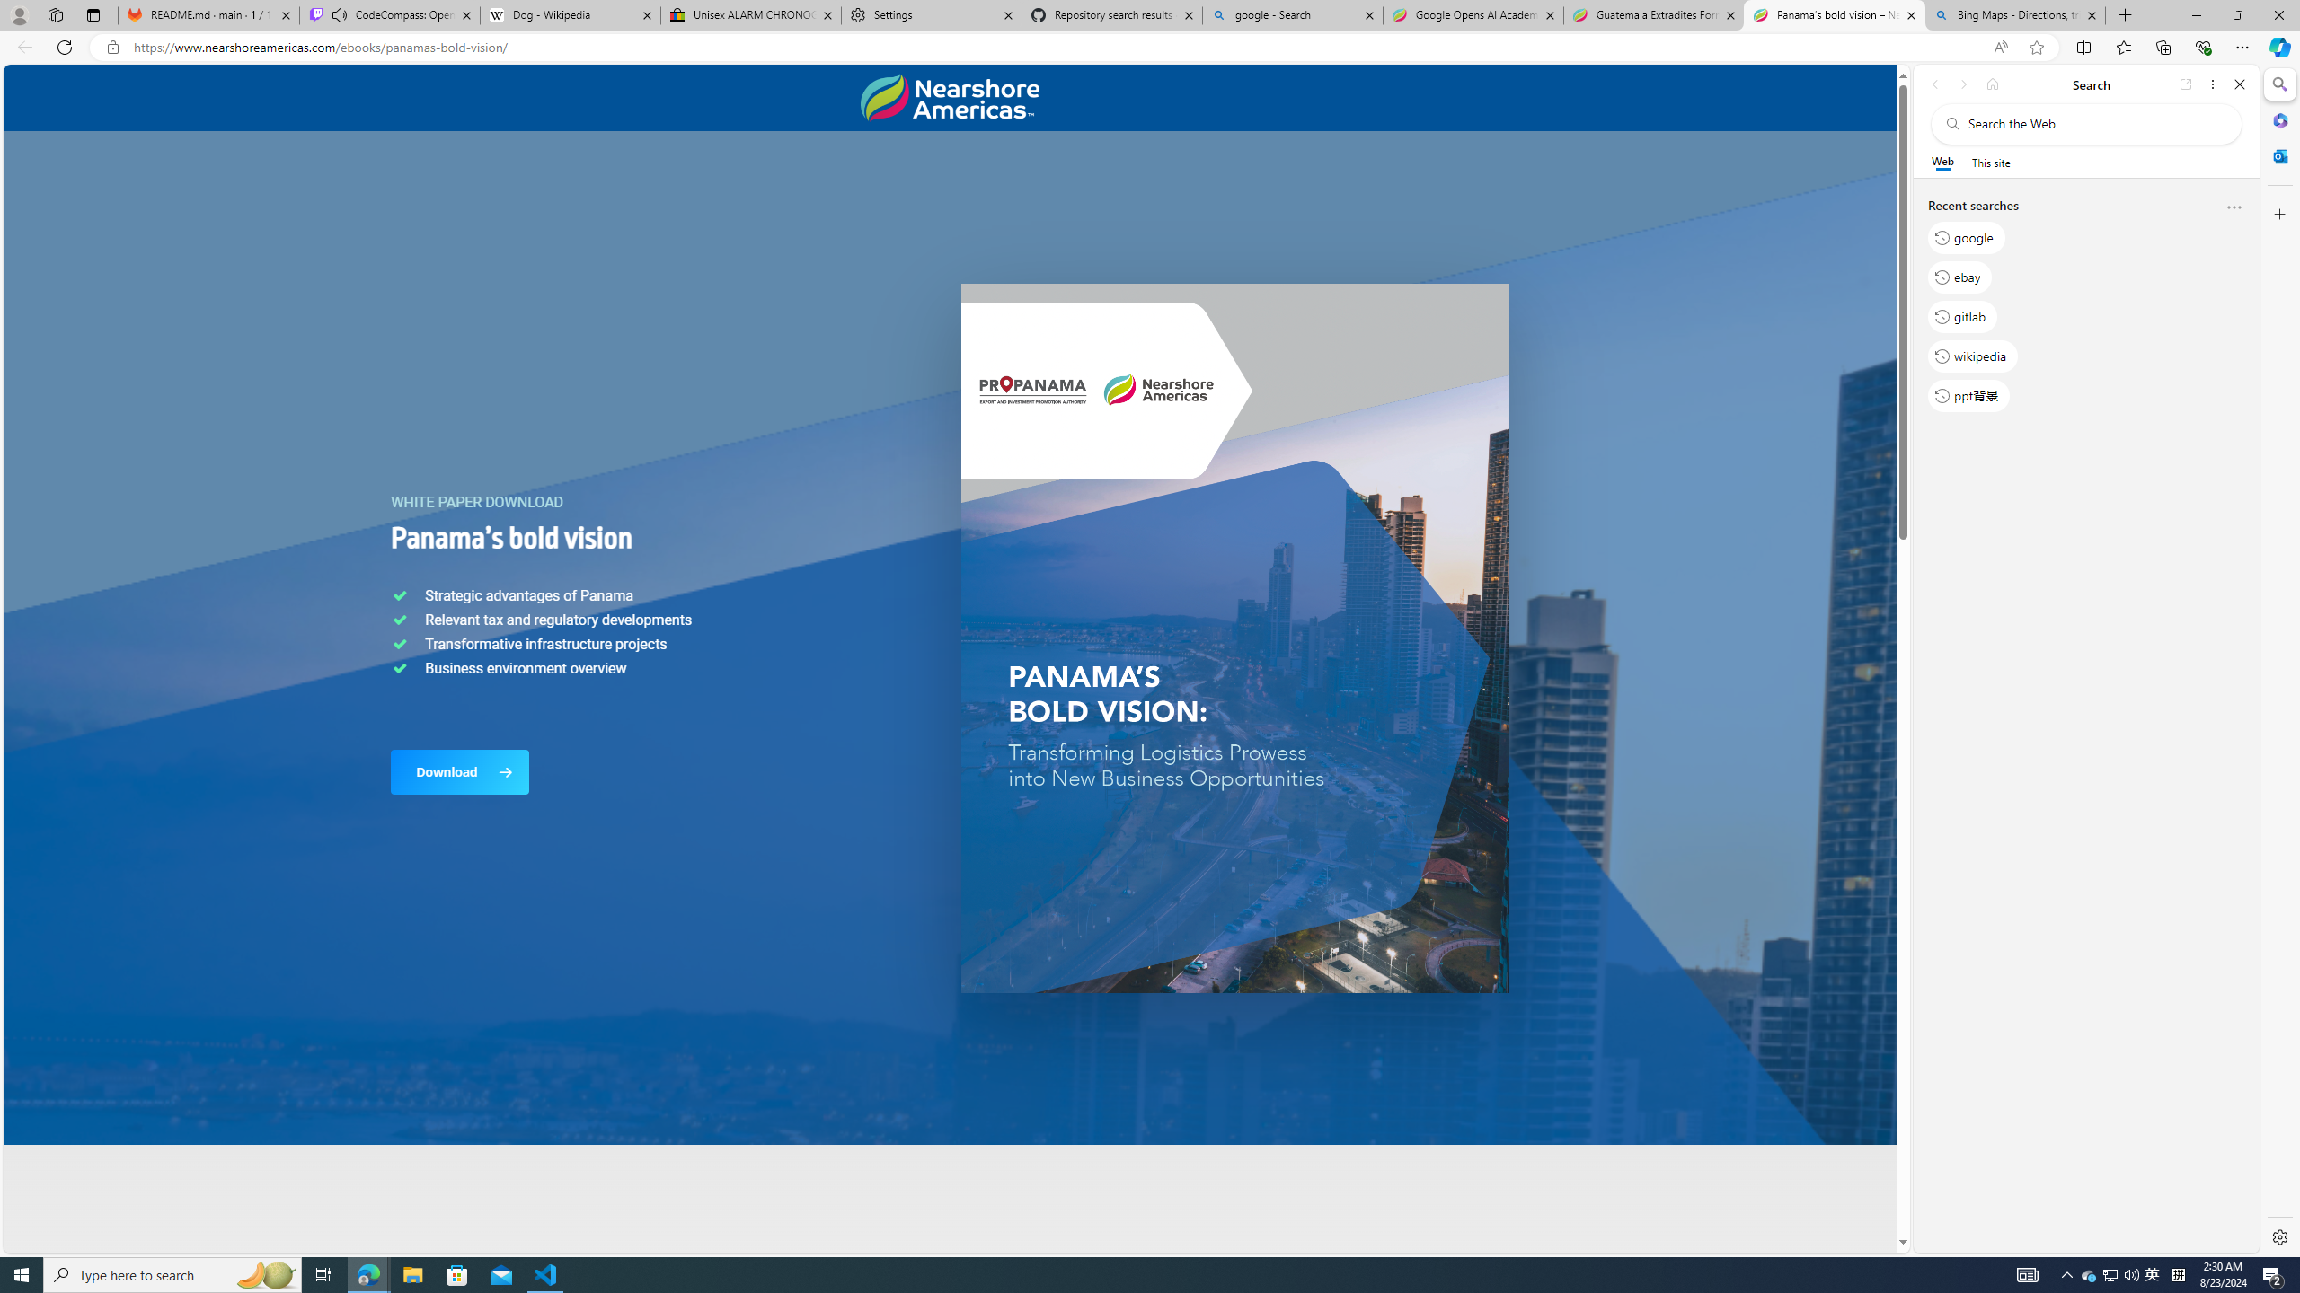 The image size is (2300, 1293). I want to click on 'Dog - Wikipedia', so click(569, 14).